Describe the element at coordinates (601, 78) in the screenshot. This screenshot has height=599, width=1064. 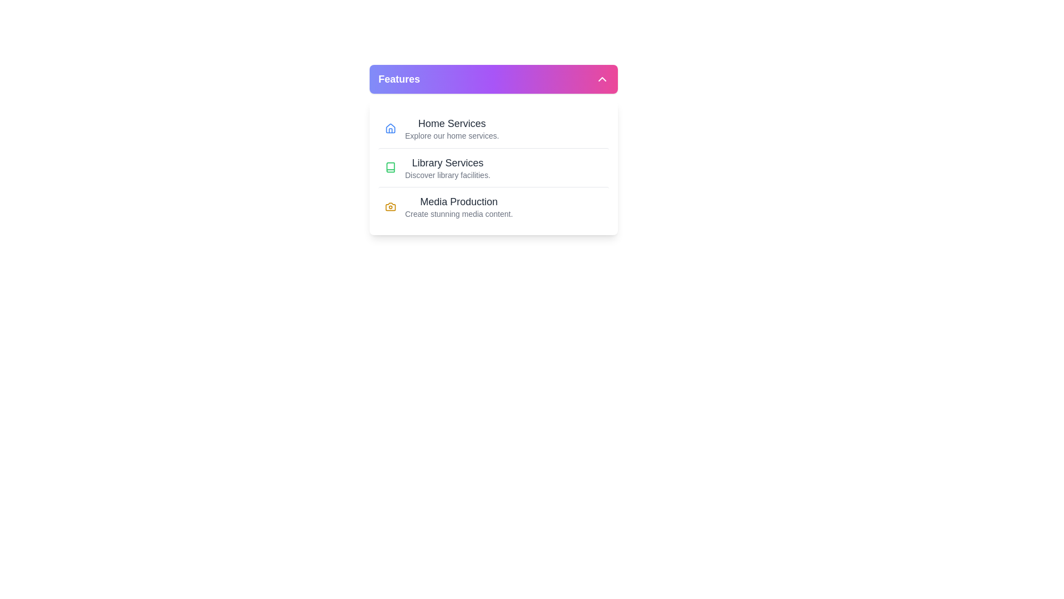
I see `the upward-pointing chevron icon located to the right of the 'Features' text in the gradient header` at that location.